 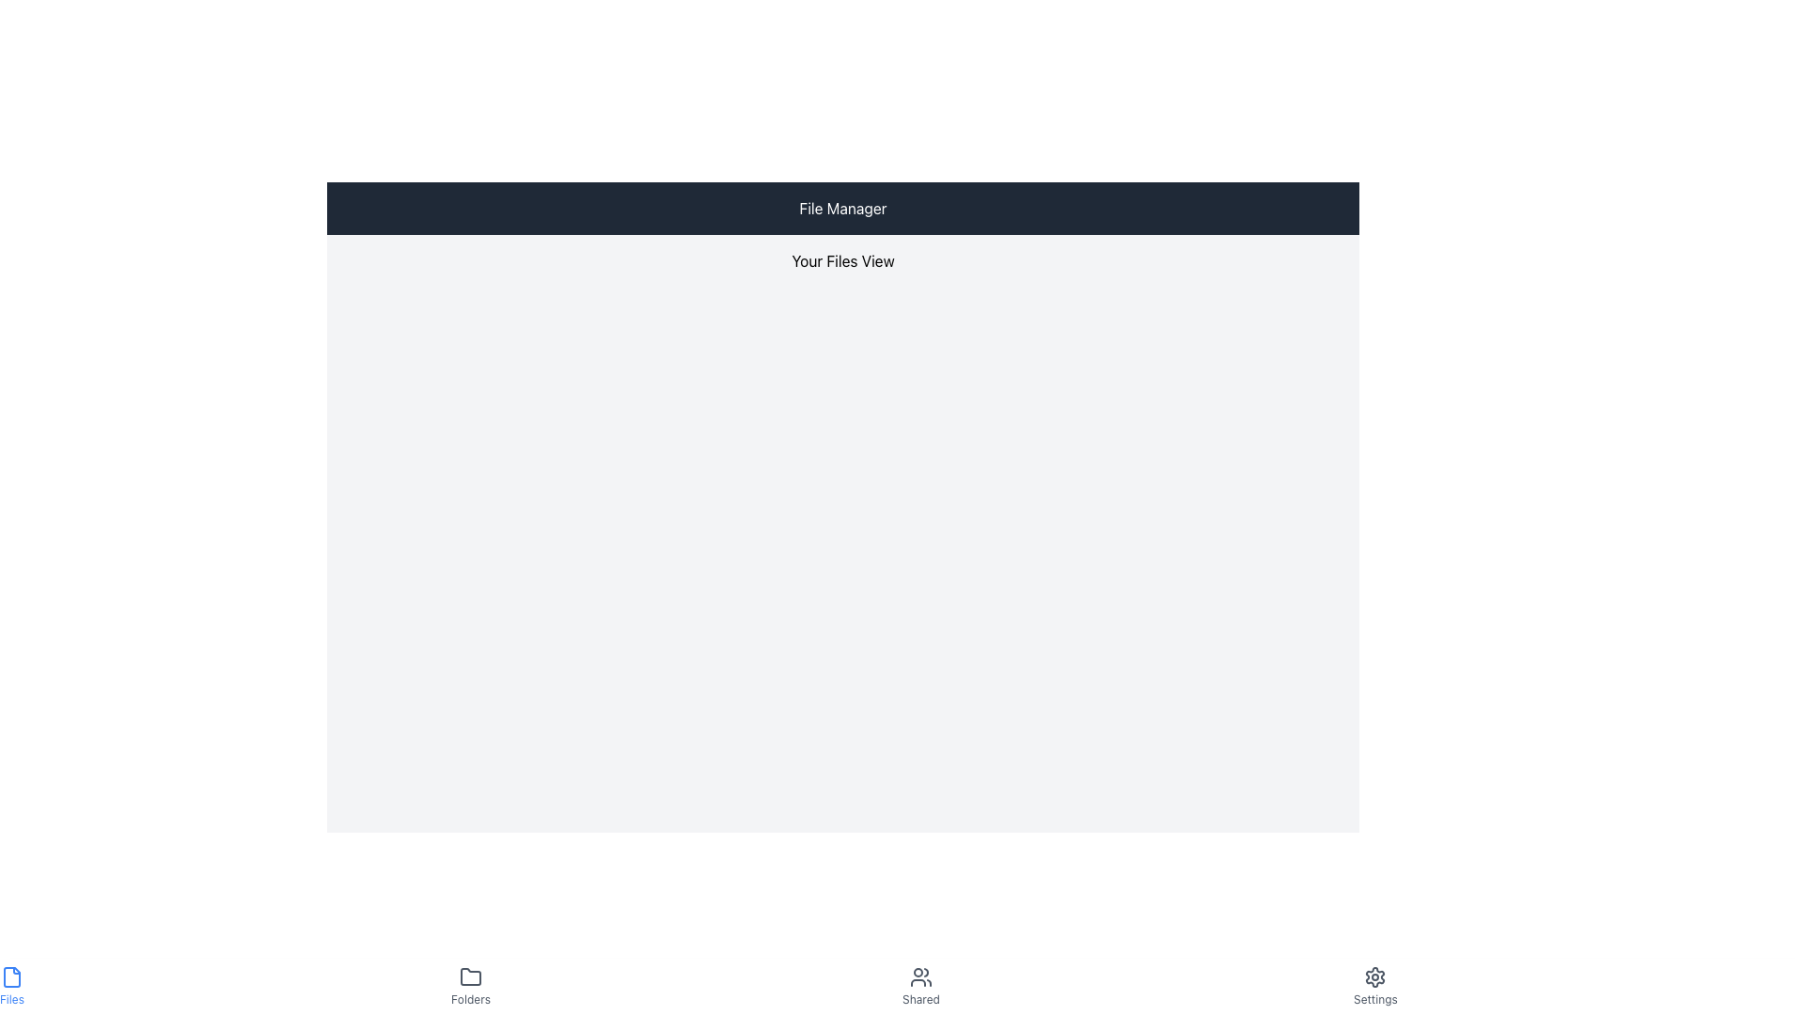 What do you see at coordinates (1375, 999) in the screenshot?
I see `the text label that serves as a navigation indication for the setting, located below the gear icon in the vertical array` at bounding box center [1375, 999].